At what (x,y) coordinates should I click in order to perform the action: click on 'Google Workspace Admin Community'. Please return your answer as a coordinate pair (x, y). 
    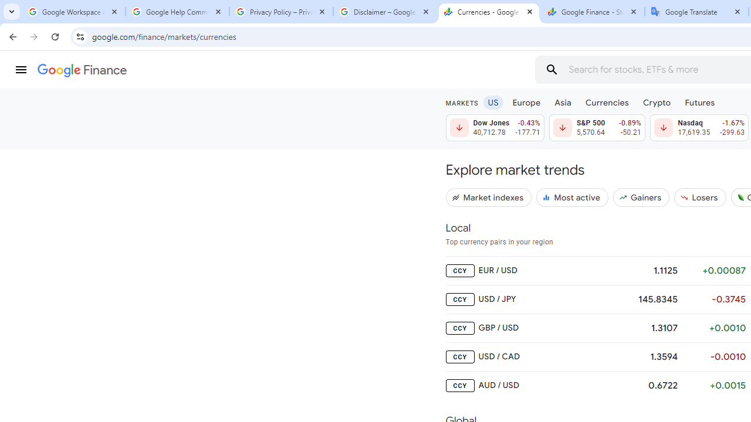
    Looking at the image, I should click on (73, 12).